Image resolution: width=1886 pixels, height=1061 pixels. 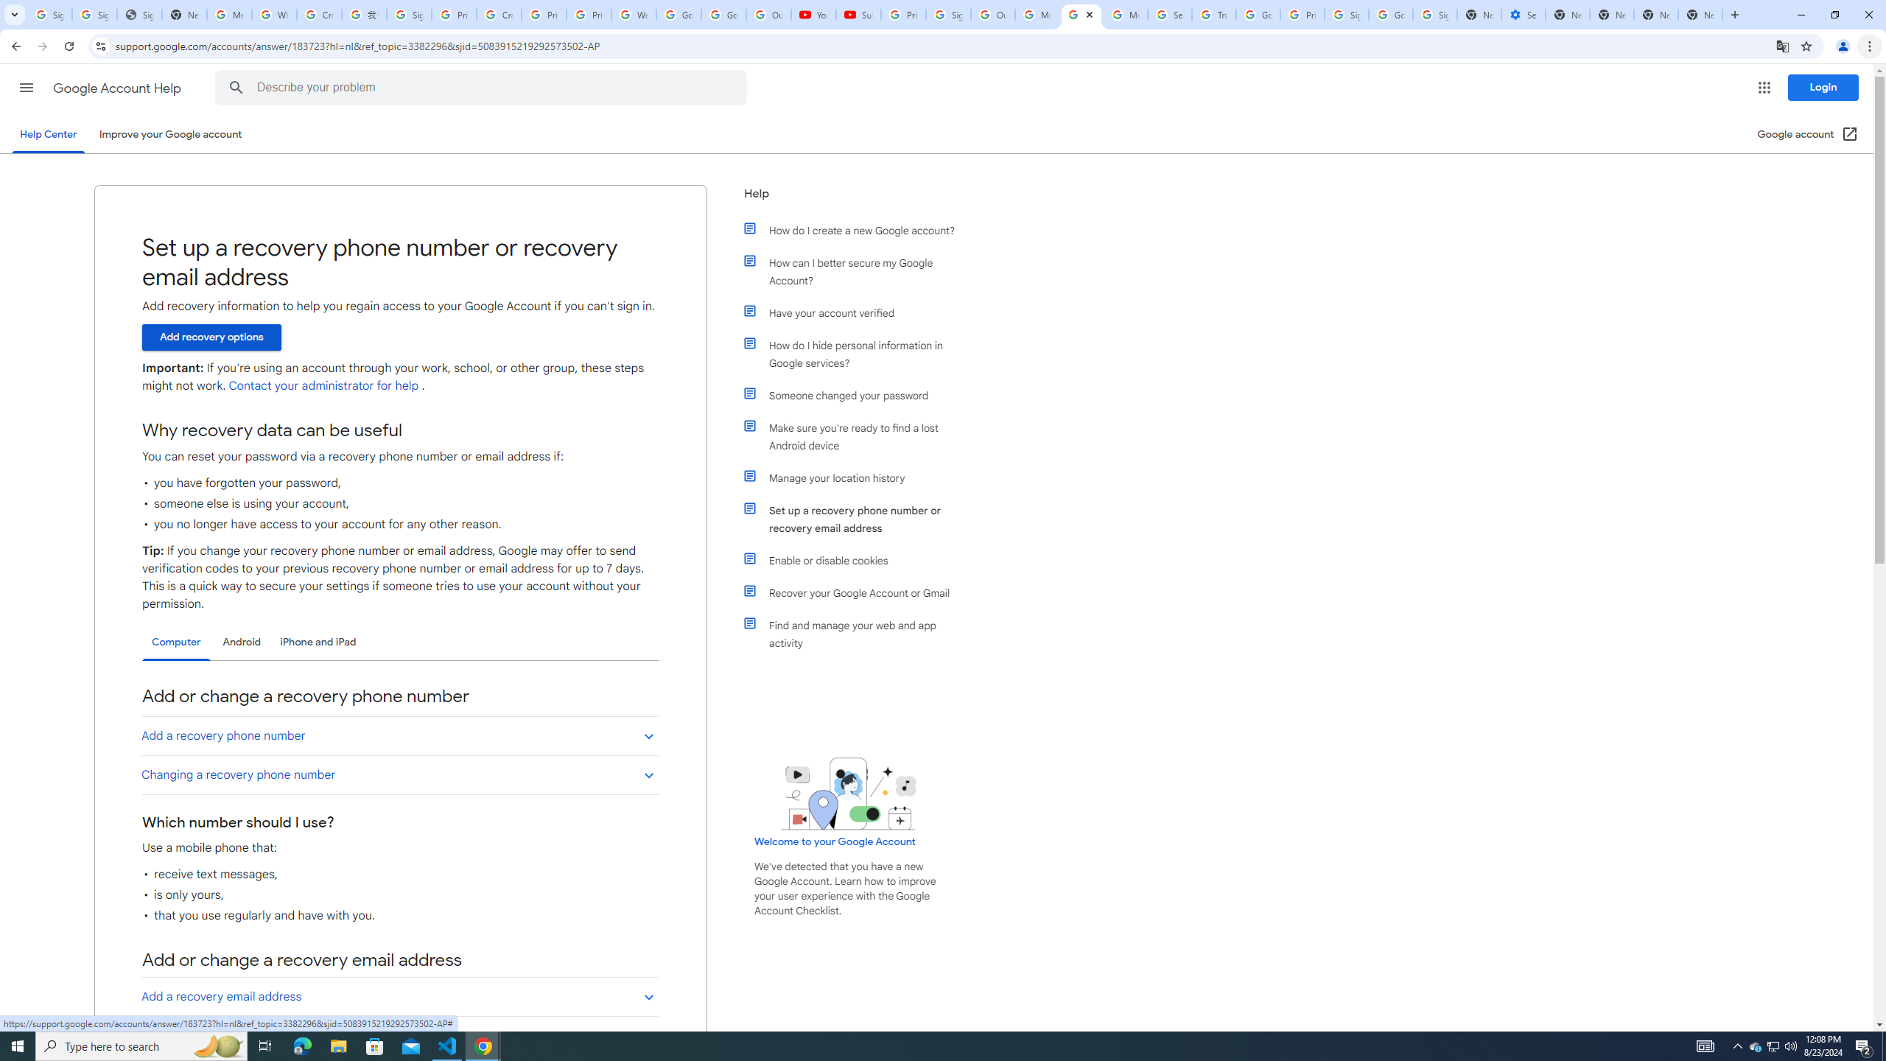 I want to click on 'YouTube', so click(x=813, y=14).